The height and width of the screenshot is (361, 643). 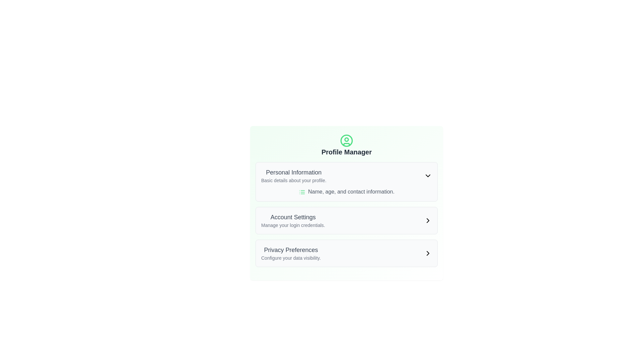 I want to click on the text label that says 'Manage your login credentials.' which is styled in a small gray font and located below the 'Account Settings' heading in the Profile Manager interface, so click(x=293, y=225).